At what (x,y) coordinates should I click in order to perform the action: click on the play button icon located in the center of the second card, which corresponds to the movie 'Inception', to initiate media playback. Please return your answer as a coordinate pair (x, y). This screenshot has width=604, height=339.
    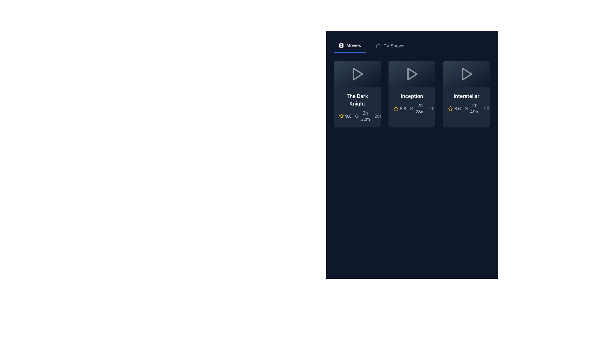
    Looking at the image, I should click on (412, 74).